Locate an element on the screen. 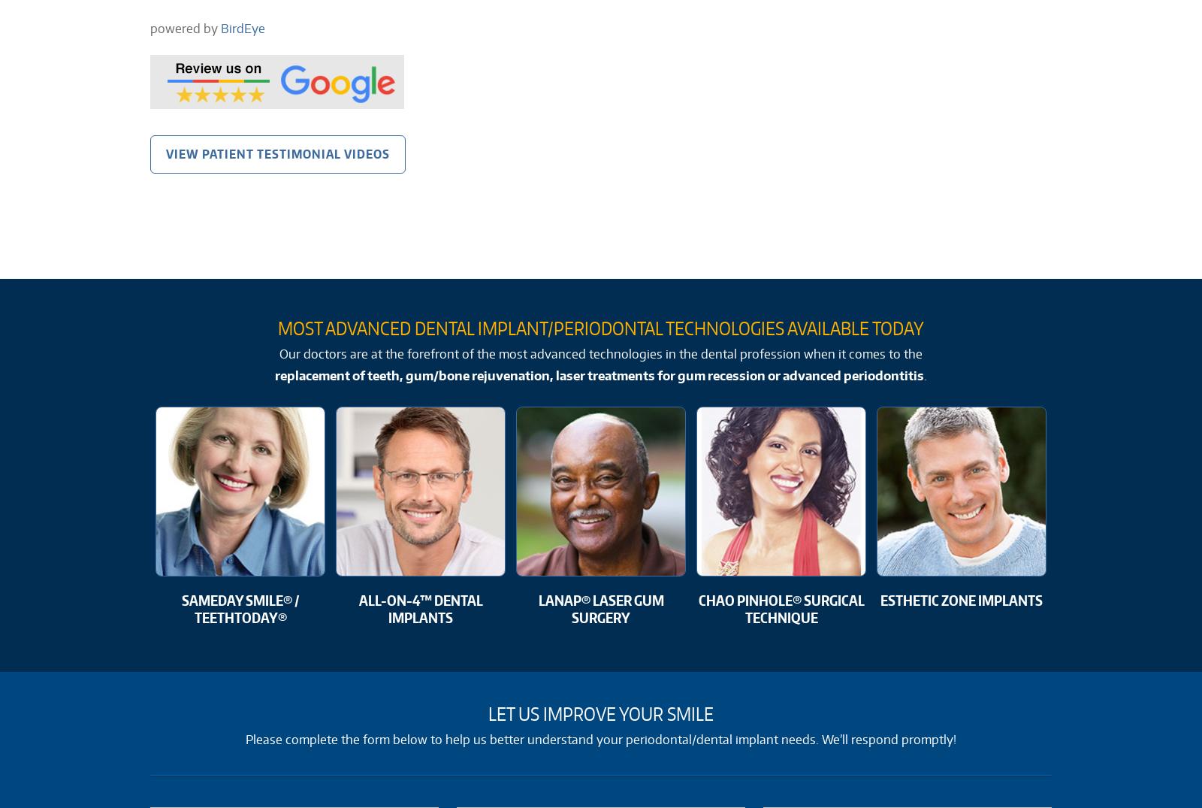 Image resolution: width=1202 pixels, height=808 pixels. 'Let Us Improve Your Smile' is located at coordinates (488, 713).